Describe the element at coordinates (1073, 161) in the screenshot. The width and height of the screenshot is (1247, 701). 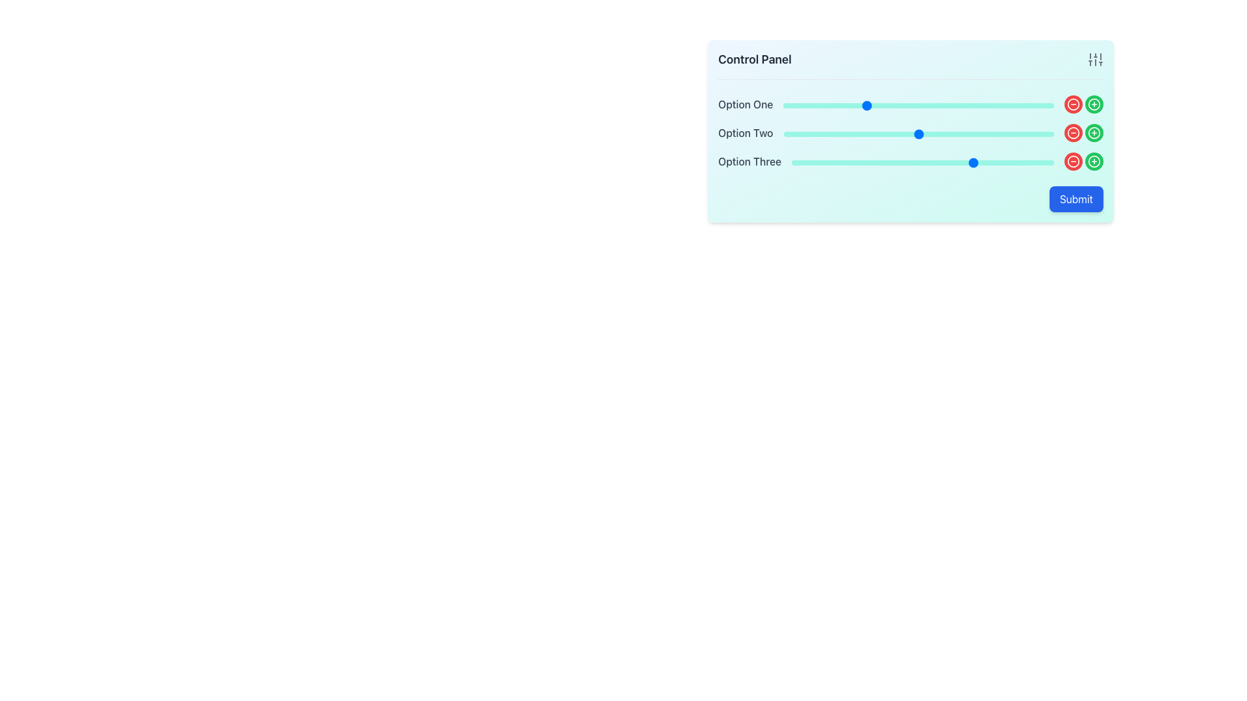
I see `the last red circular icon with a minus symbol to decrease the value associated with 'Option Three'` at that location.